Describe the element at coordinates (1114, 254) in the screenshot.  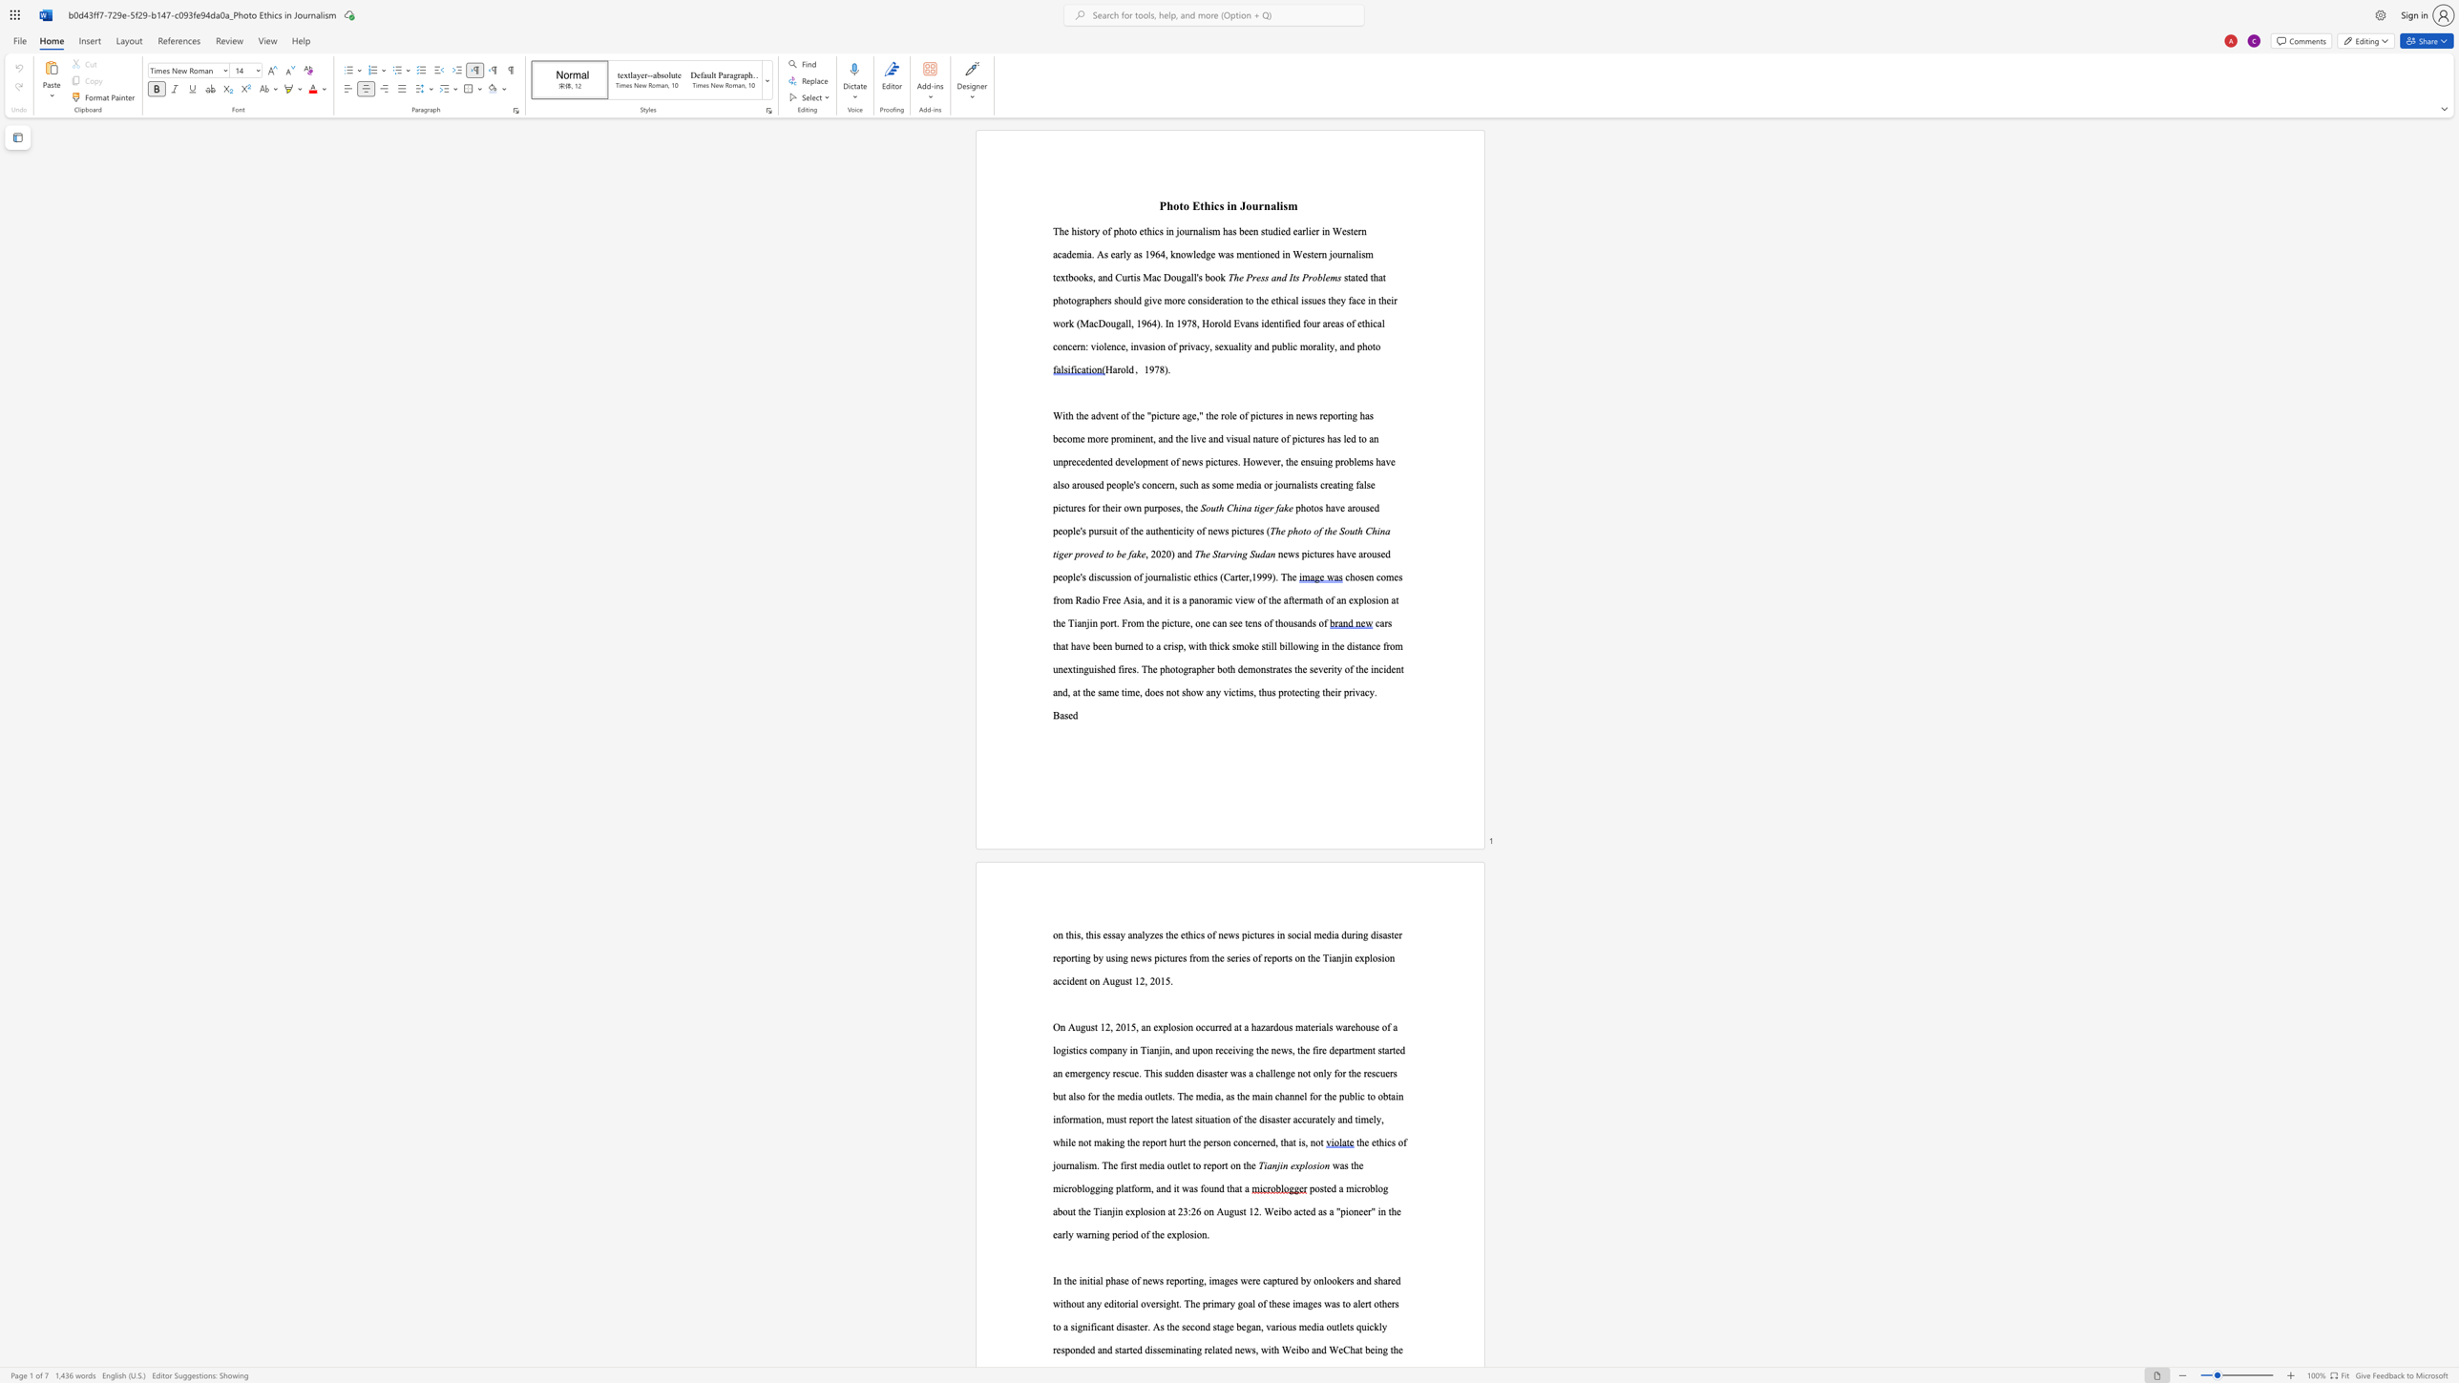
I see `the subset text "arly as 1964, knowledge was mentioned in Western journalism textbooks, an" within the text "The history of photo ethics in journalism has been studied earlier in Western academia. As early as 1964, knowledge was mentioned in Western journalism textbooks, and Curtis Mac Dougall"` at that location.